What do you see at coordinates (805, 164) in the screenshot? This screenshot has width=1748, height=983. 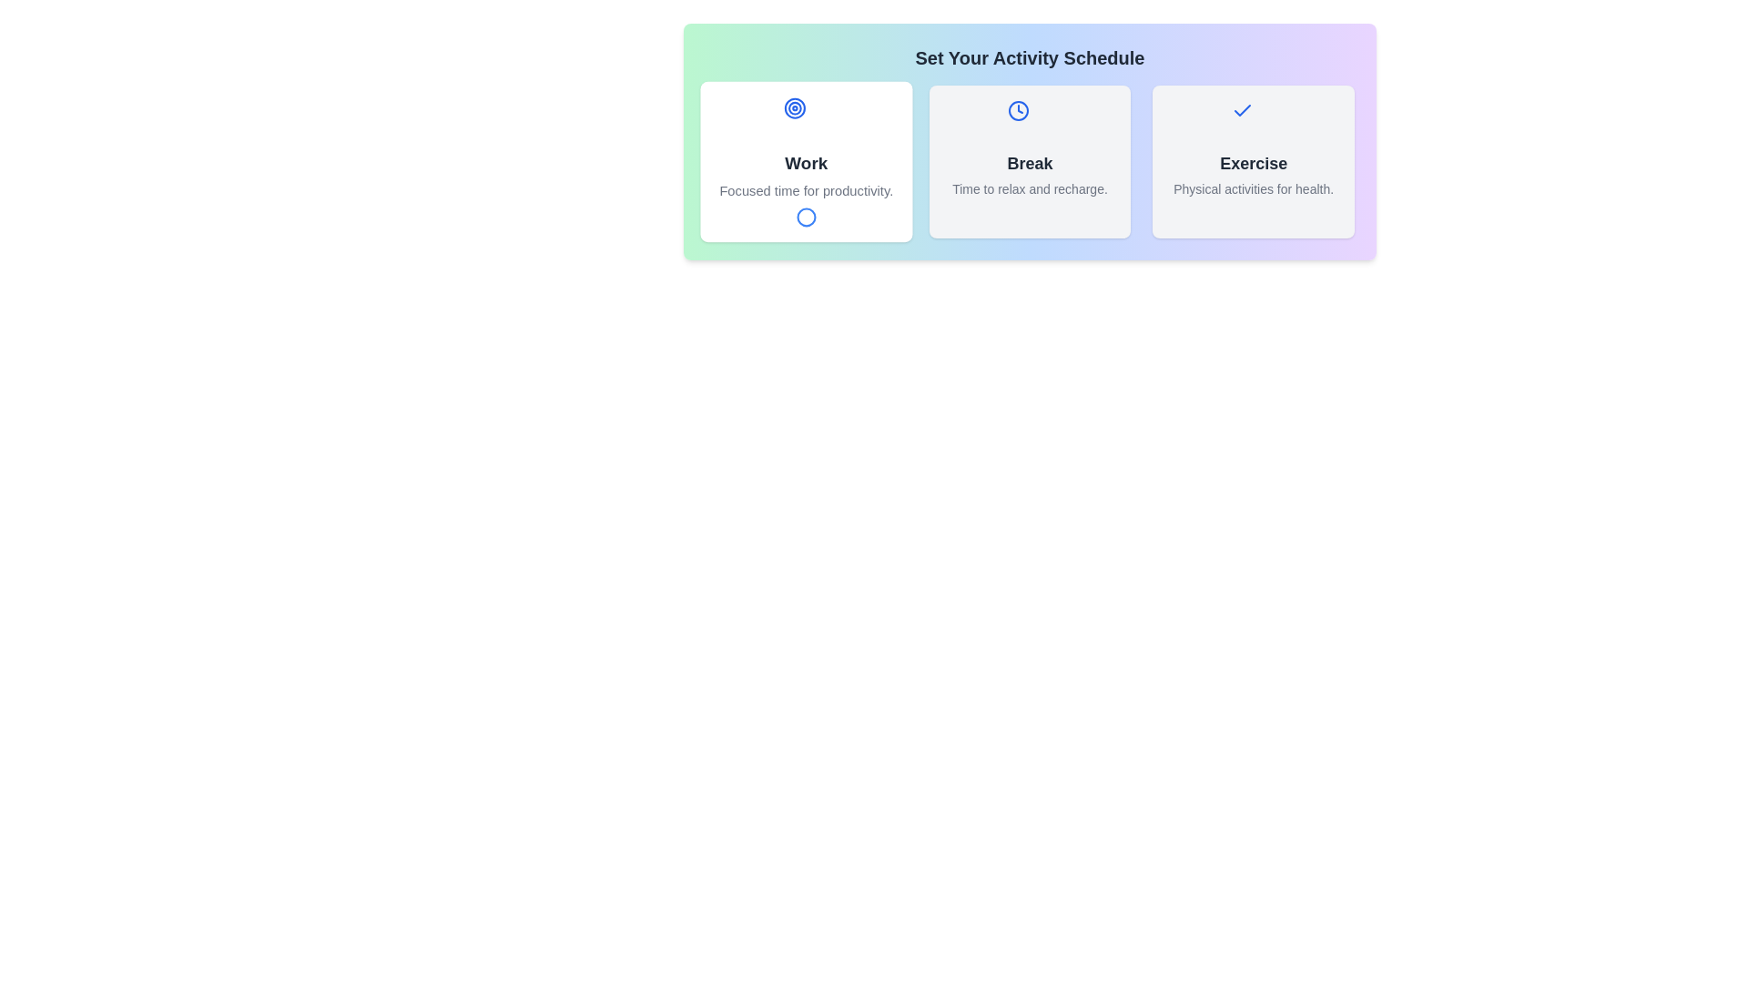 I see `the text label displaying 'Work' in bold, located in the leftmost card of the row, positioned below the circular icon and above the descriptive text` at bounding box center [805, 164].